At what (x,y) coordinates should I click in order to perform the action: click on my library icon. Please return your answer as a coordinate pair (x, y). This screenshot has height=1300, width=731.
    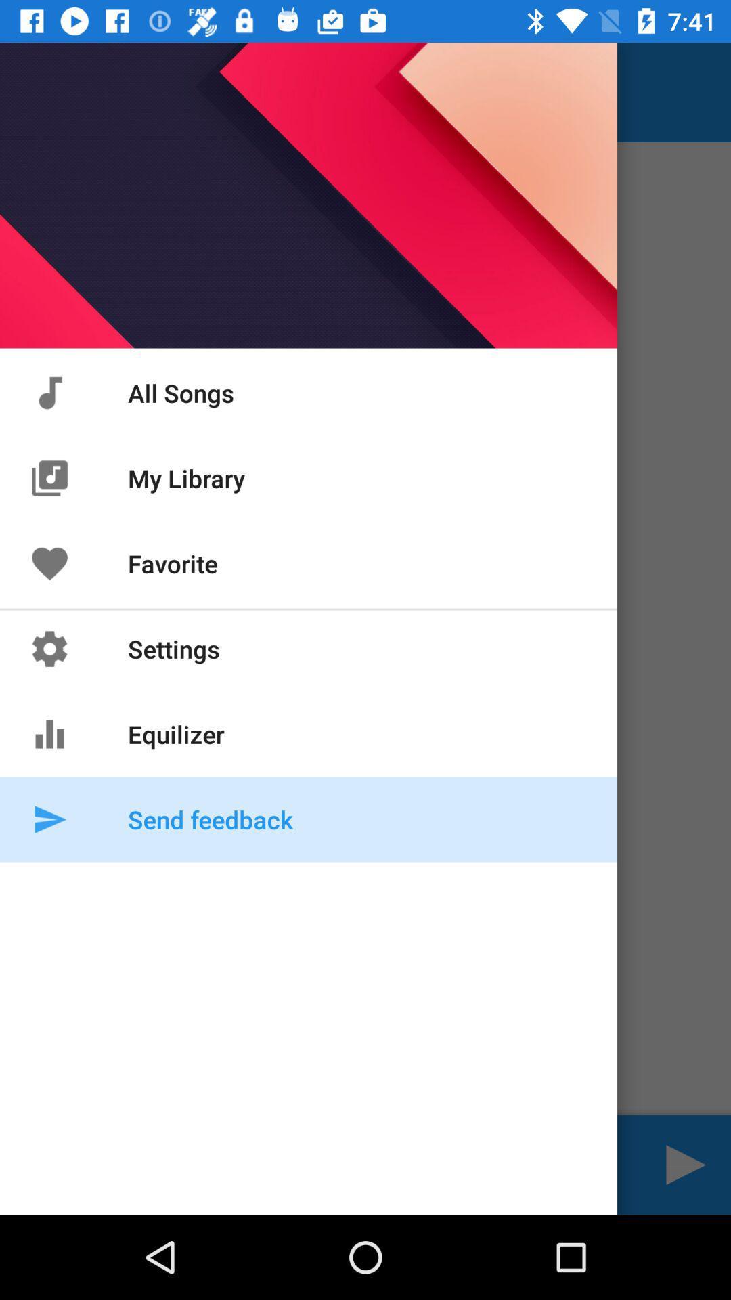
    Looking at the image, I should click on (49, 478).